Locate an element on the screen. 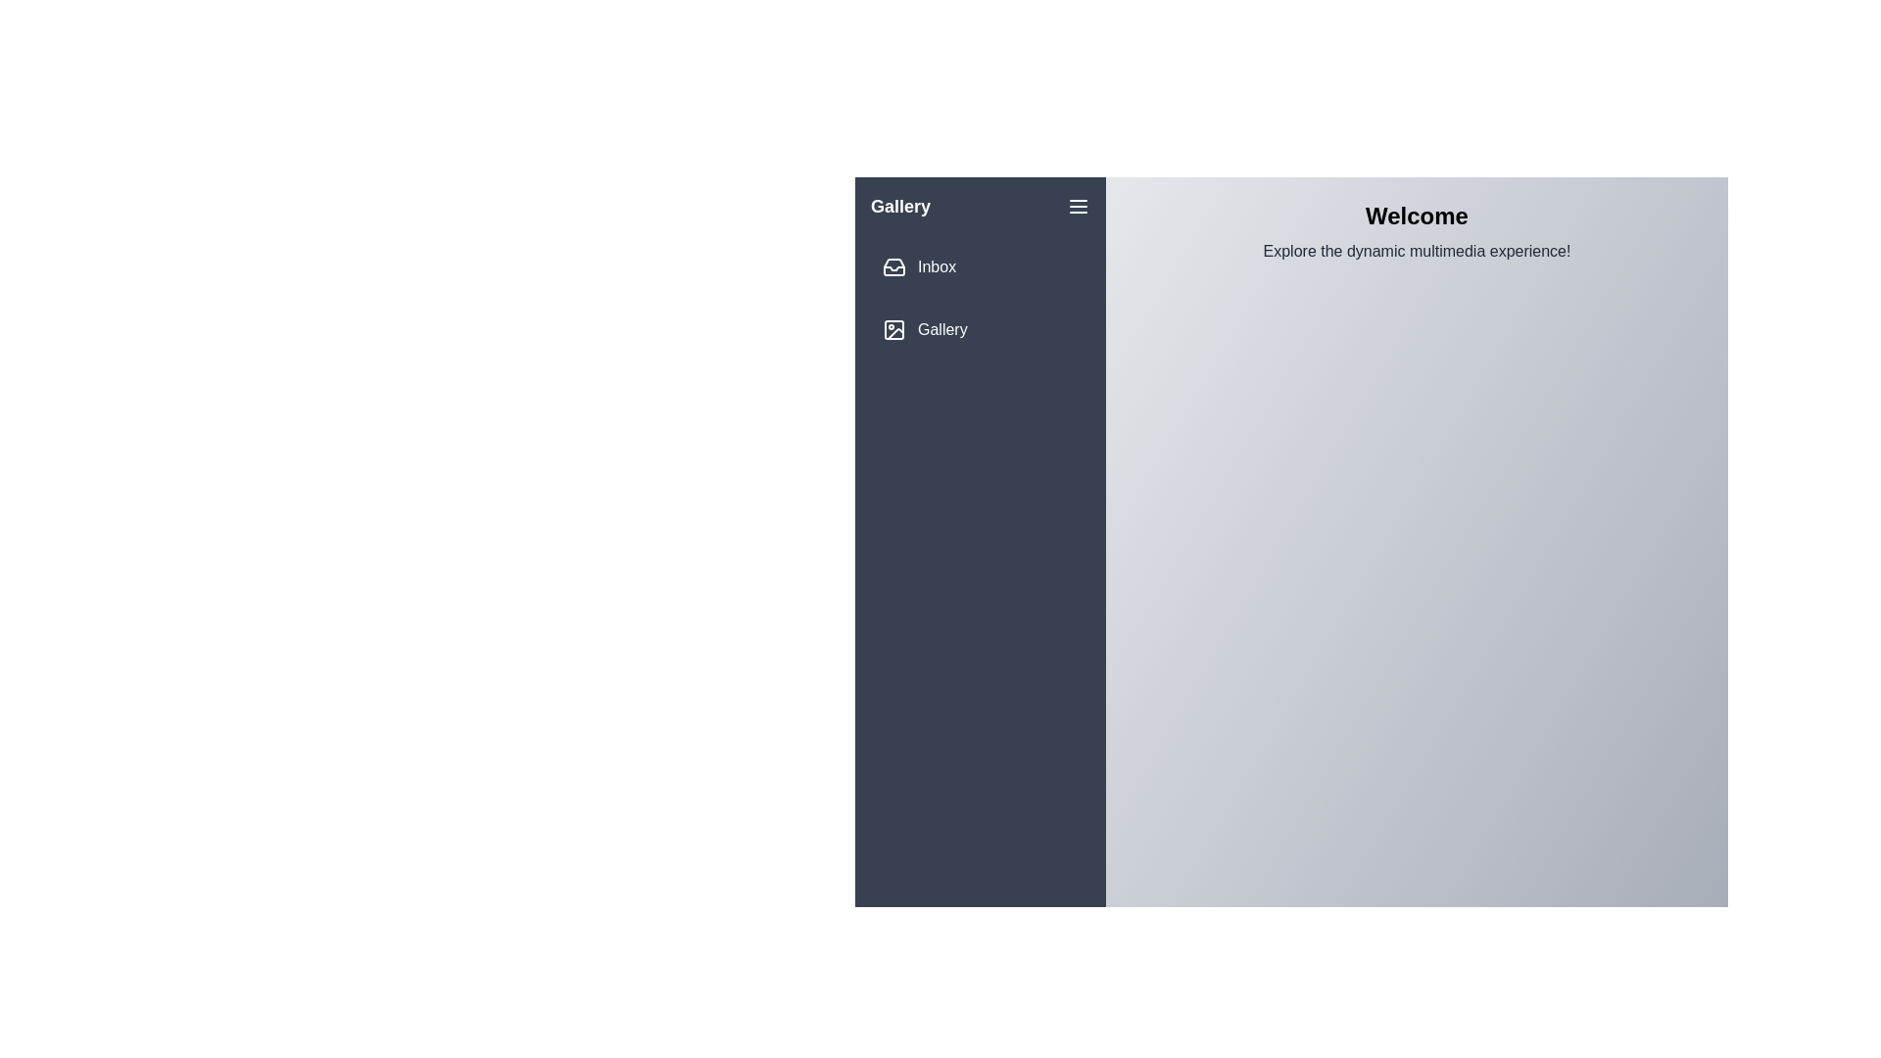 The image size is (1881, 1058). the icon resembling a flat, open inbox or tray, which is located in the left sidebar adjacent to the 'Inbox' label is located at coordinates (892, 267).